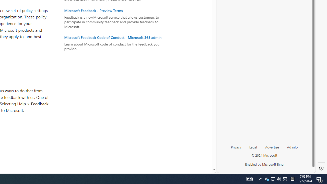  What do you see at coordinates (321, 168) in the screenshot?
I see `'Settings'` at bounding box center [321, 168].